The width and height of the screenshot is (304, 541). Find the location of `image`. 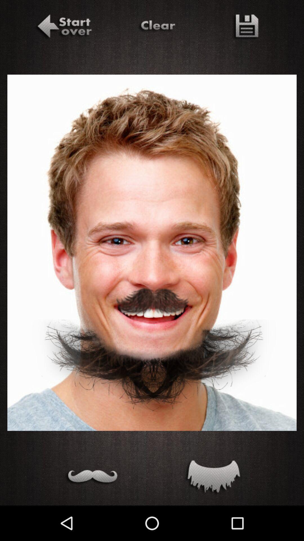

image is located at coordinates (245, 27).